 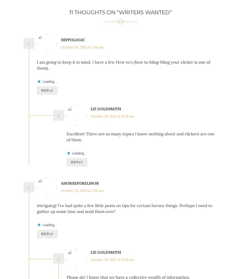 What do you see at coordinates (144, 12) in the screenshot?
I see `'Writers Wanted'` at bounding box center [144, 12].